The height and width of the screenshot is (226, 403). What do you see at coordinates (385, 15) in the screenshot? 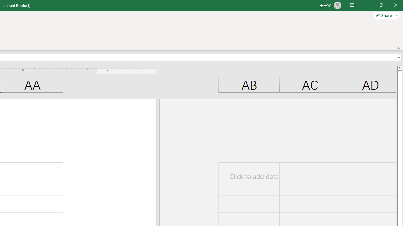
I see `'Share'` at bounding box center [385, 15].